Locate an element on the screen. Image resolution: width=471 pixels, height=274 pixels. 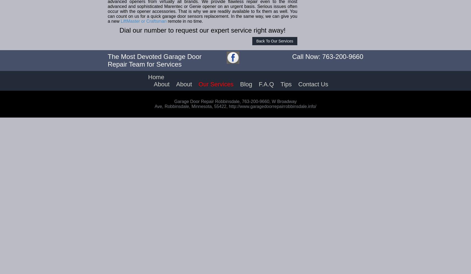
'Blog' is located at coordinates (246, 84).